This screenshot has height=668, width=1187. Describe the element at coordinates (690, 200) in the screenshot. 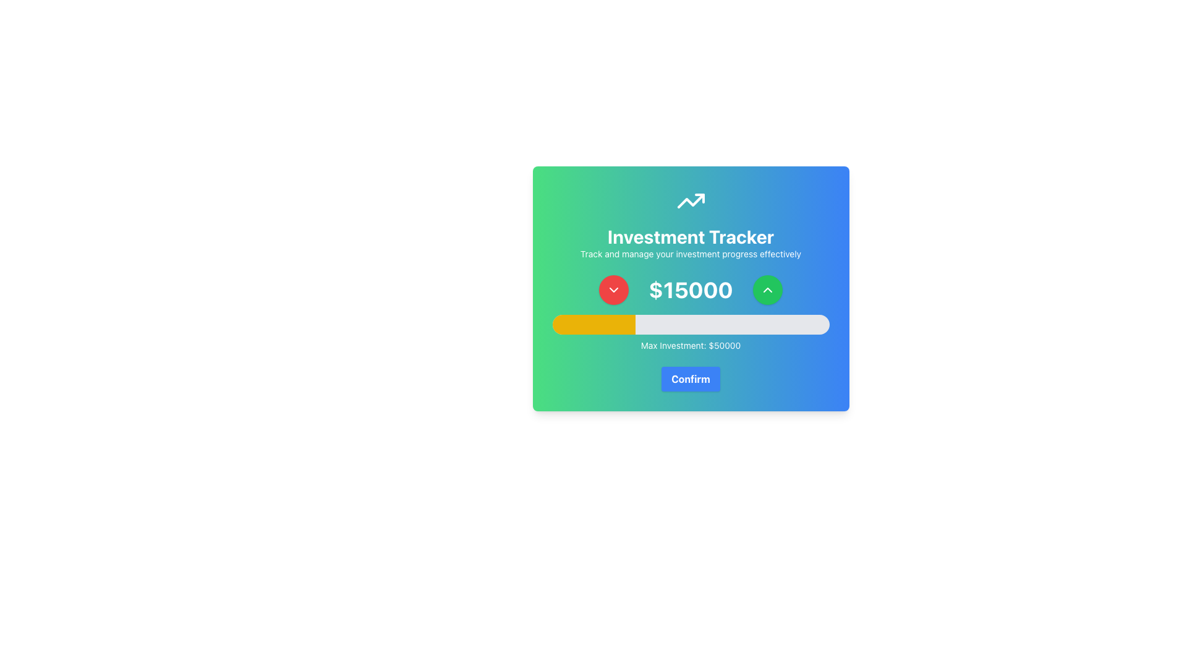

I see `the upward trend icon that signifies positive progression, located above the title text 'Investment Tracker' within the card` at that location.